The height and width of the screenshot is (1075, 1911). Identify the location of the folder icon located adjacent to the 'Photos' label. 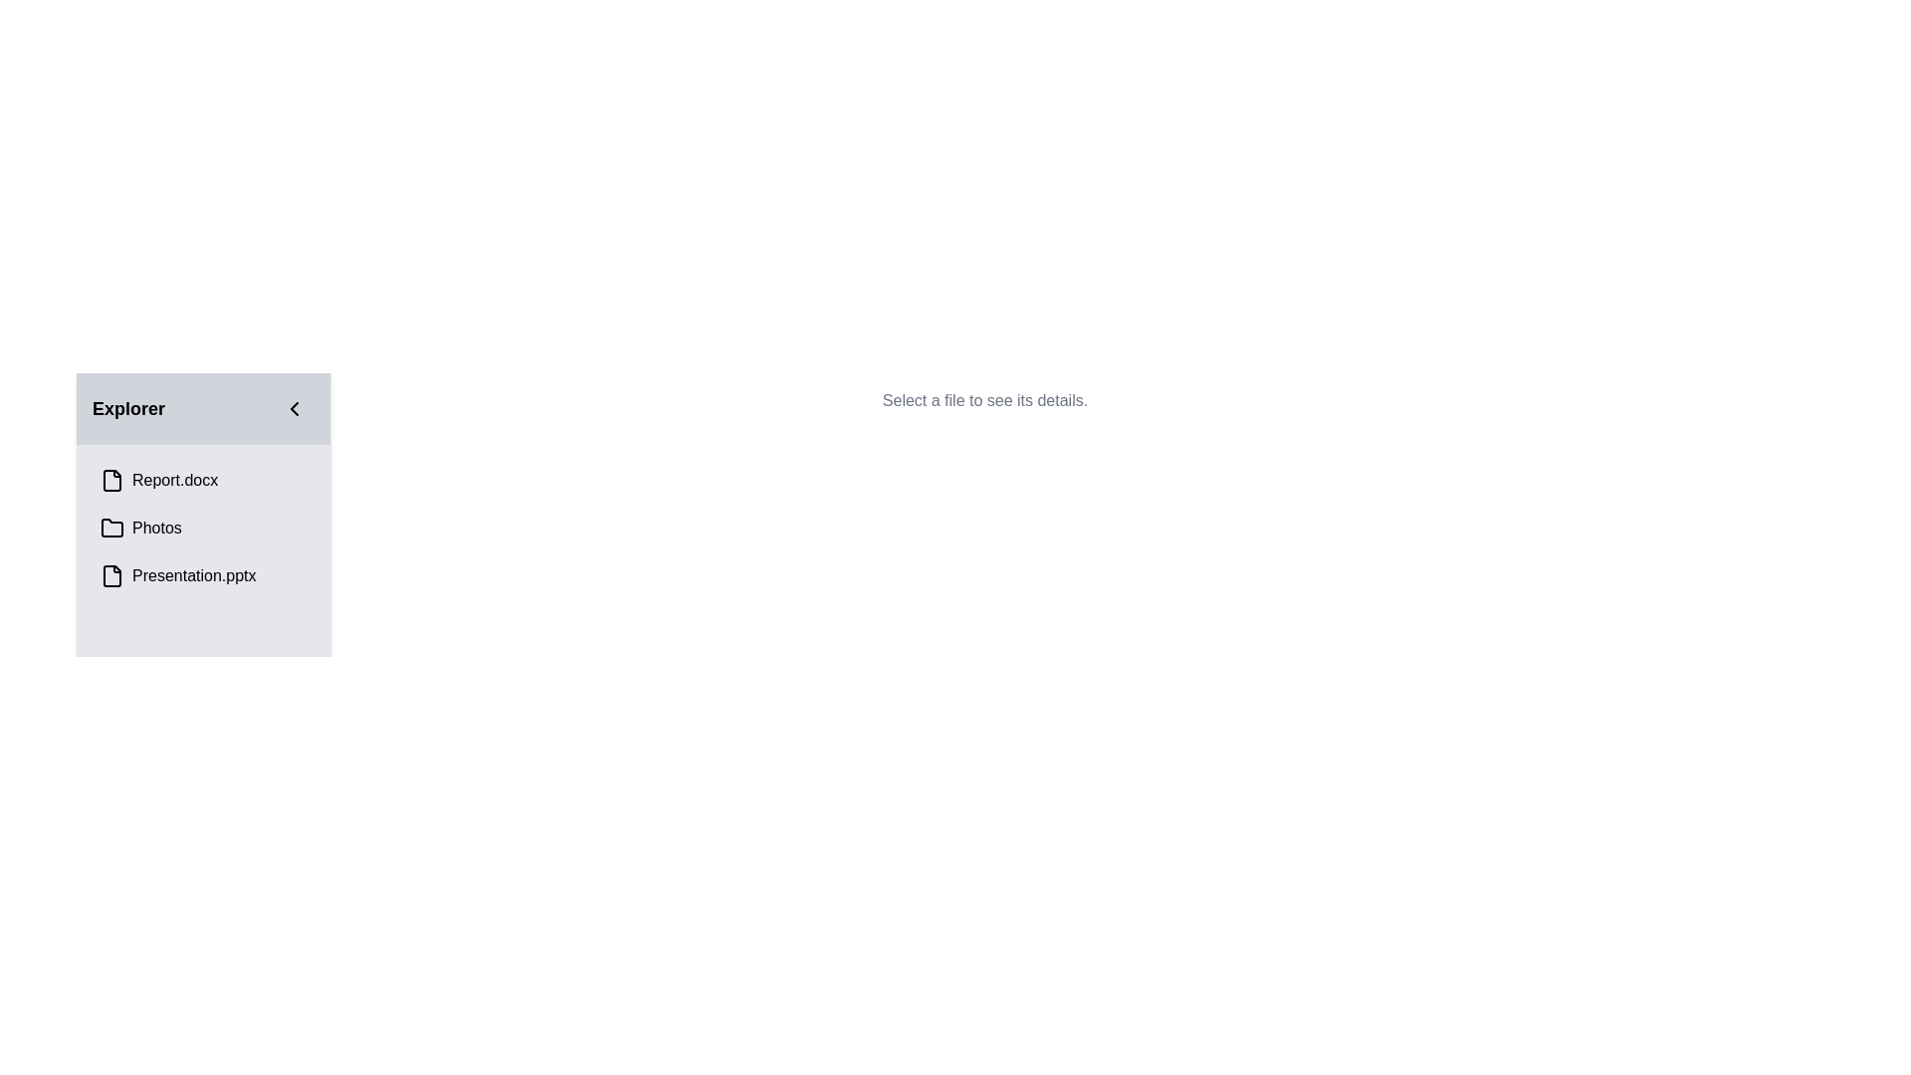
(111, 528).